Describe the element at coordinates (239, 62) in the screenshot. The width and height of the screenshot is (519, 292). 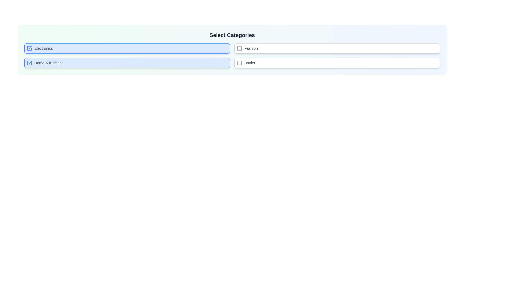
I see `the checkbox located to the immediate left of the text 'Books' in the far-right column under the 'Fashion' row` at that location.